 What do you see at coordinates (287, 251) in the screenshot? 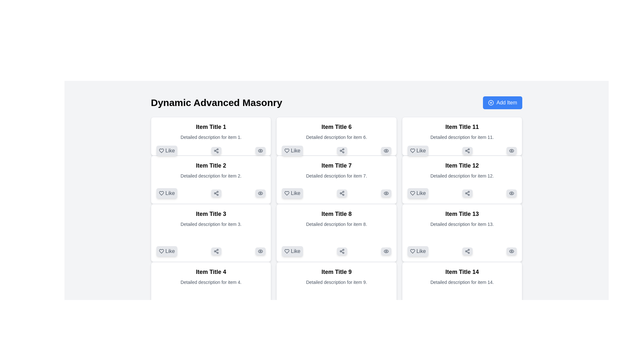
I see `the 'like' icon located in the 'Like' button of the 'Item Title 8' card in the third column, second row of the grid layout to interact` at bounding box center [287, 251].